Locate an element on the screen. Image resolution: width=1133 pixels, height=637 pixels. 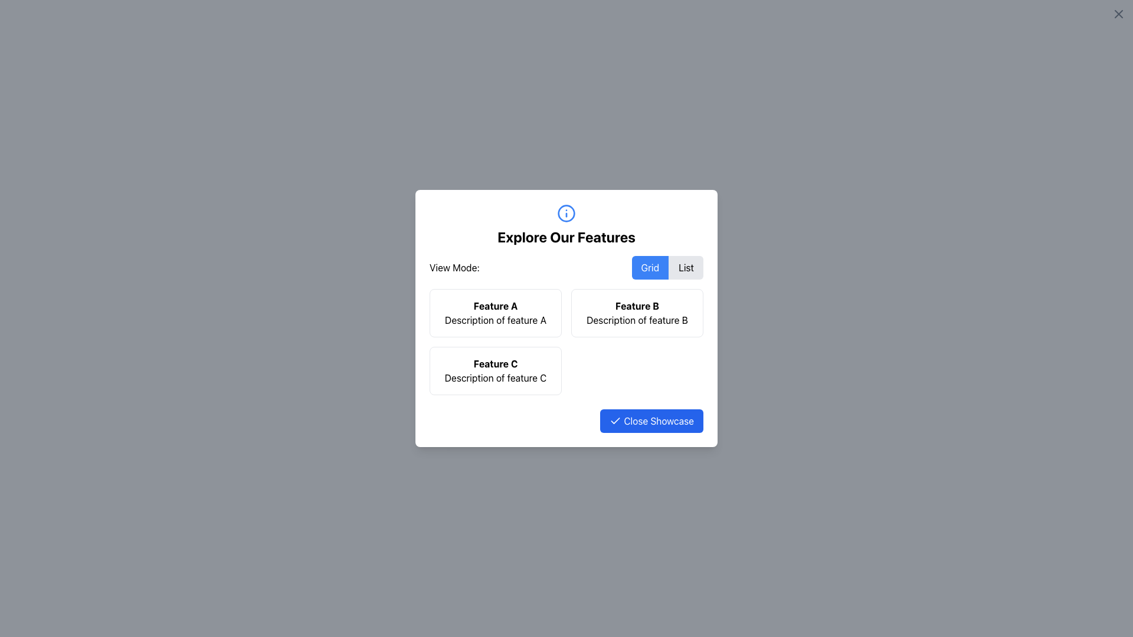
the small diagonal cross icon located at the top-right corner of the interface is located at coordinates (1118, 14).